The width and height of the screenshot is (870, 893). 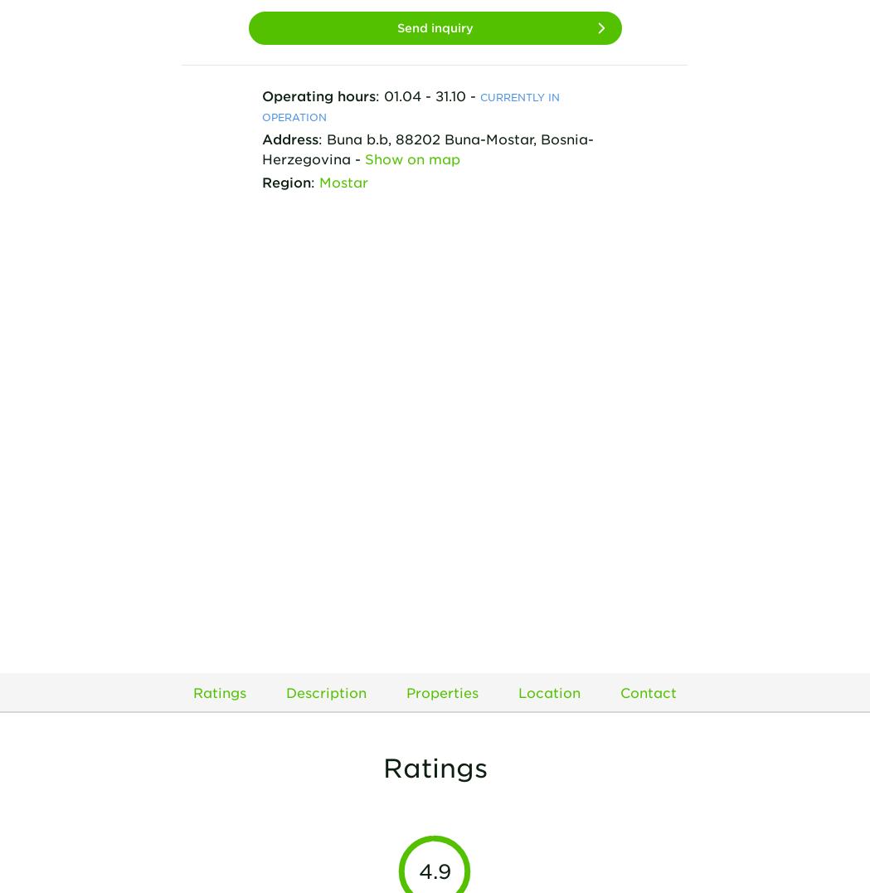 I want to click on 'currently in operation', so click(x=409, y=105).